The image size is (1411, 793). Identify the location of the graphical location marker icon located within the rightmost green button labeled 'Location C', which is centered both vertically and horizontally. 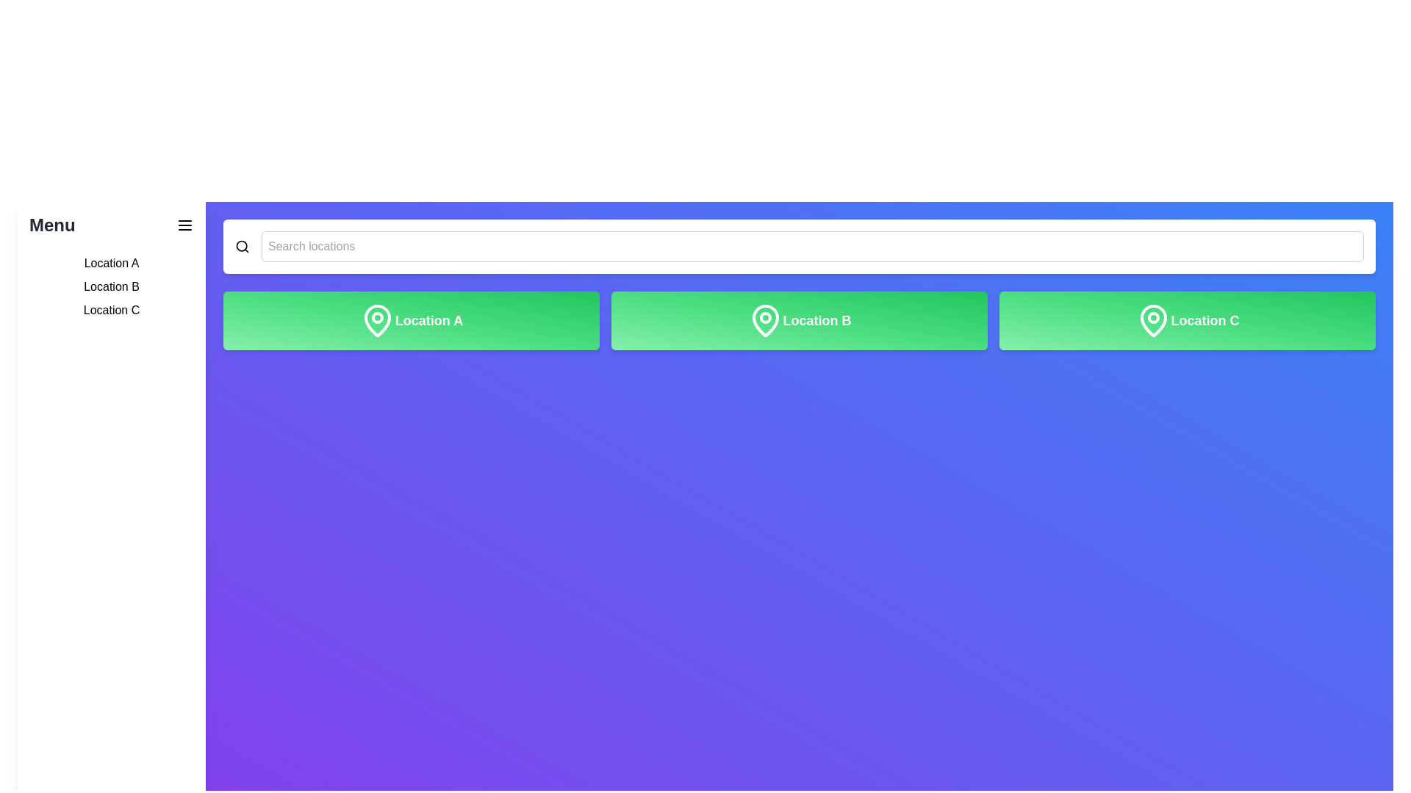
(1152, 319).